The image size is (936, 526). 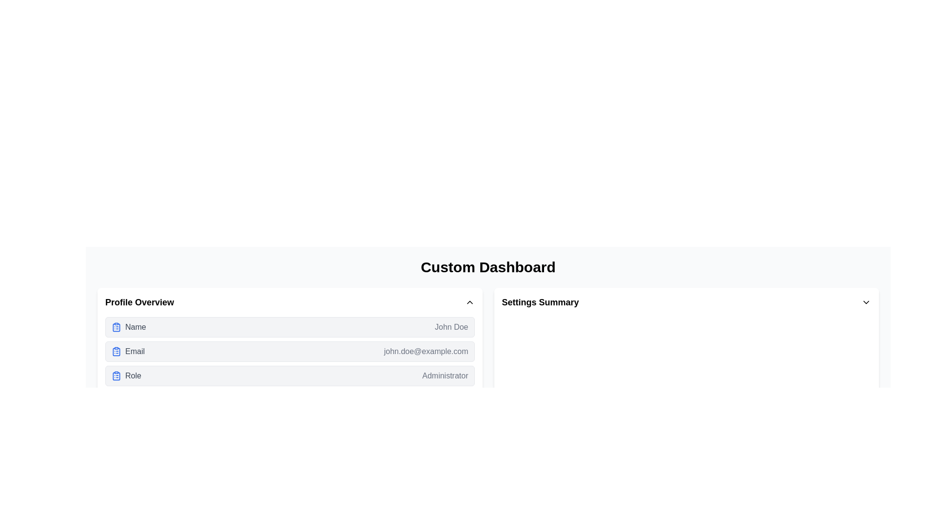 I want to click on the text label displaying 'Administrator' which is styled with a gray-colored font and is positioned on the right side of the 'Role' section within the 'Profile Overview' panel, so click(x=445, y=375).